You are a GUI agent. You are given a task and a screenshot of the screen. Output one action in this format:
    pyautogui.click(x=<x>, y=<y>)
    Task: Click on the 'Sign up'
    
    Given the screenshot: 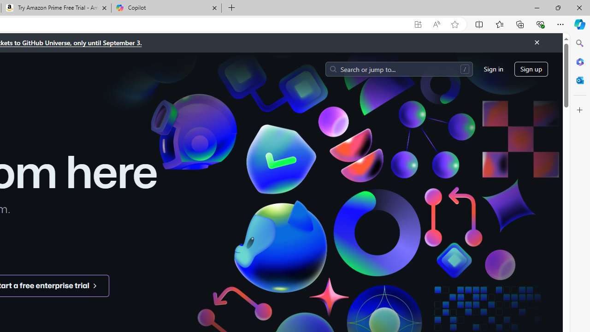 What is the action you would take?
    pyautogui.click(x=531, y=68)
    